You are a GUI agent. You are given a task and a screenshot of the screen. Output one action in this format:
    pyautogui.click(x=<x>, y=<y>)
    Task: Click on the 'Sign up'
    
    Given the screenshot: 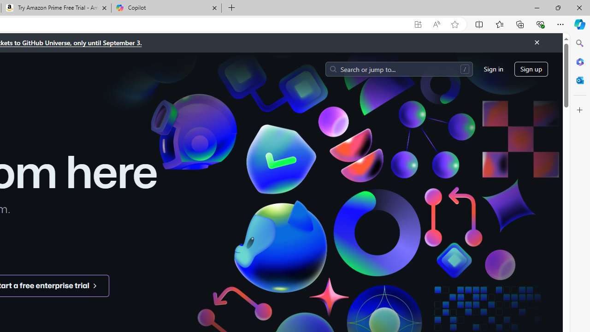 What is the action you would take?
    pyautogui.click(x=531, y=68)
    